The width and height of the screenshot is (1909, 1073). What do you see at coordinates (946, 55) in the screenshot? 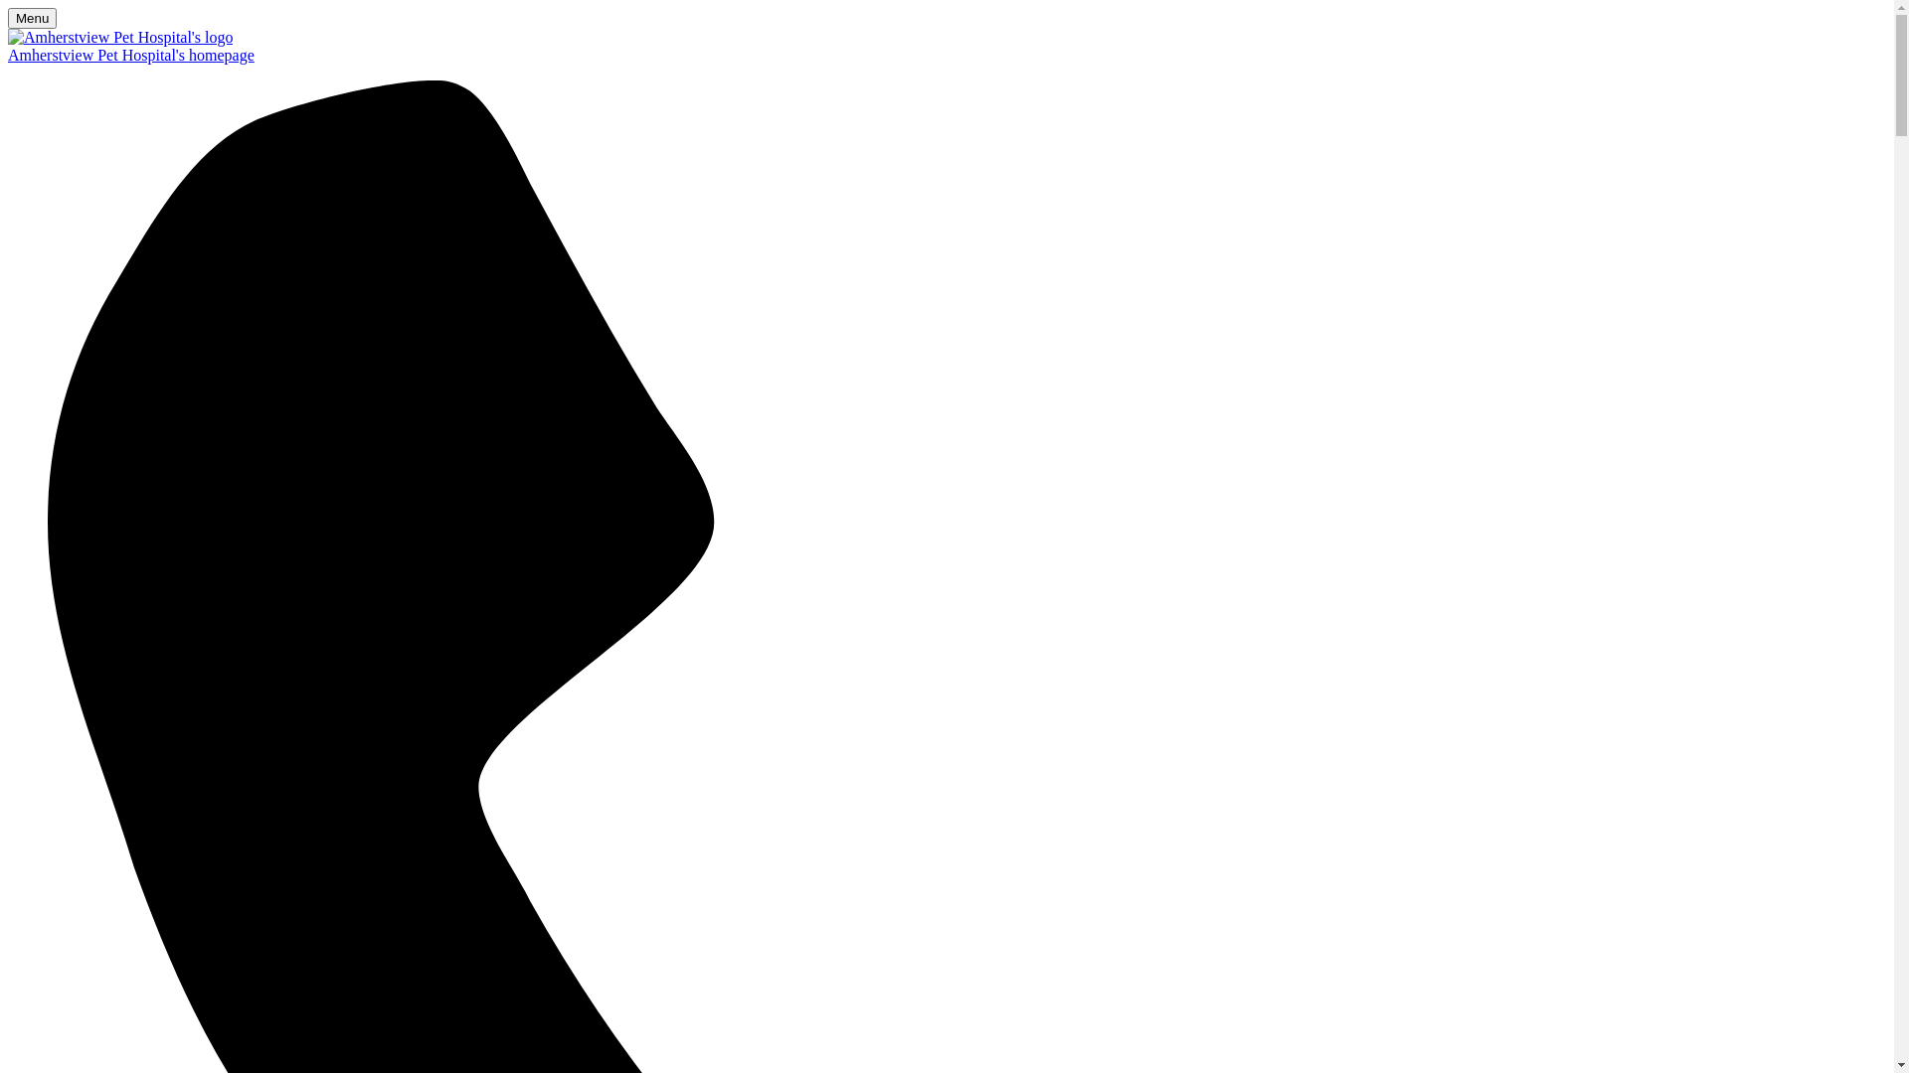
I see `'Amherstview Pet Hospital's homepage'` at bounding box center [946, 55].